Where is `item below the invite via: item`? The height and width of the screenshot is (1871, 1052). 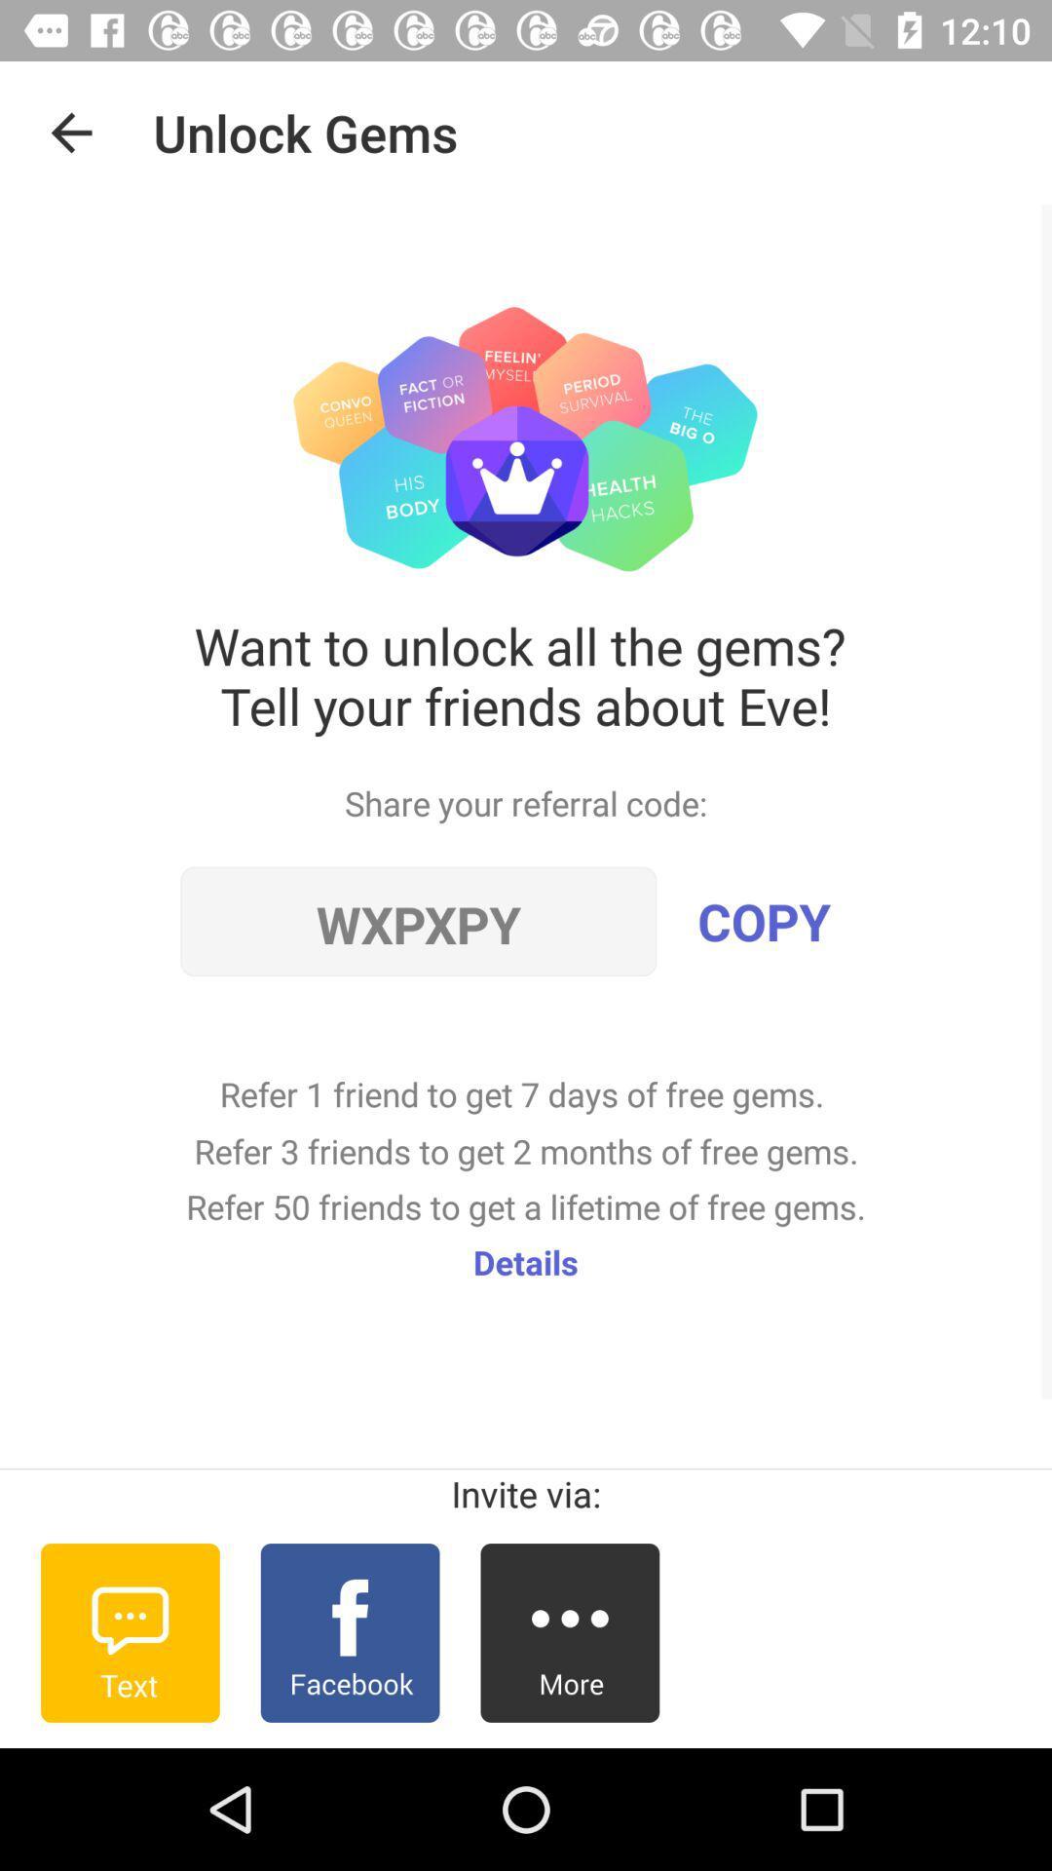 item below the invite via: item is located at coordinates (130, 1632).